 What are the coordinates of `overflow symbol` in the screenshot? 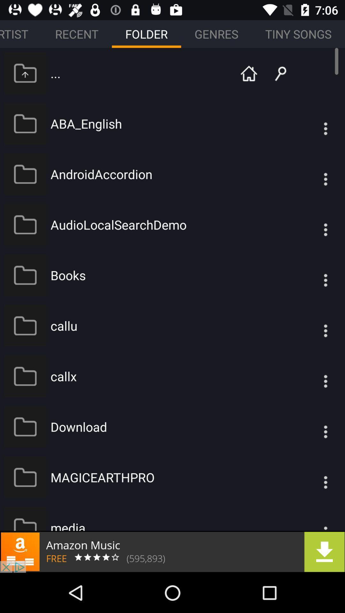 It's located at (312, 174).